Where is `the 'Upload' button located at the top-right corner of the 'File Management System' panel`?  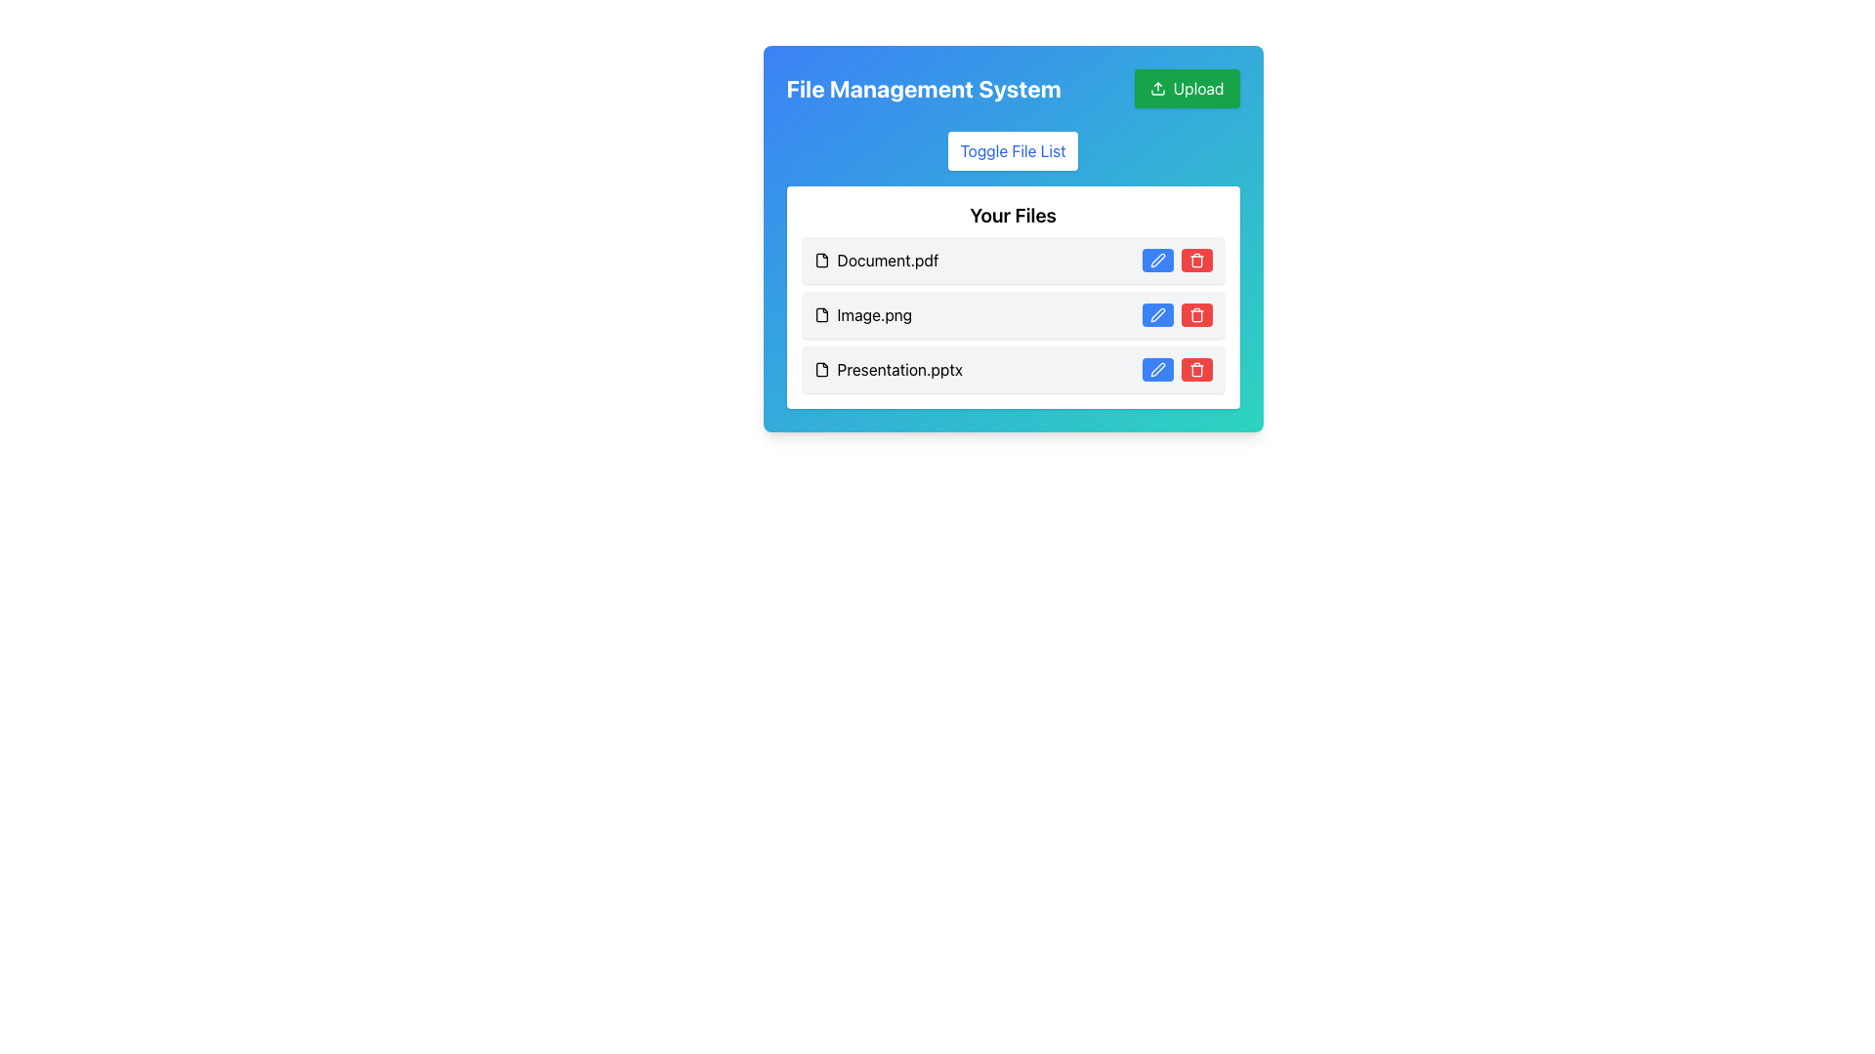 the 'Upload' button located at the top-right corner of the 'File Management System' panel is located at coordinates (1186, 89).